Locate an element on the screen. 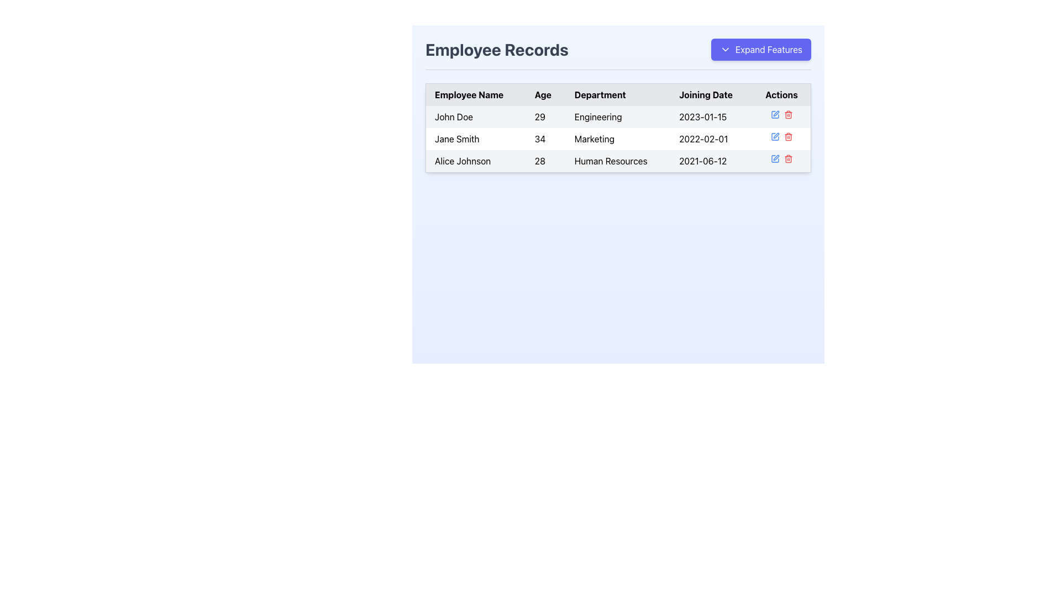 The height and width of the screenshot is (596, 1061). the delete button in the second row of the 'Actions' column for the entry 'Jane Smith' to change its appearance is located at coordinates (787, 136).